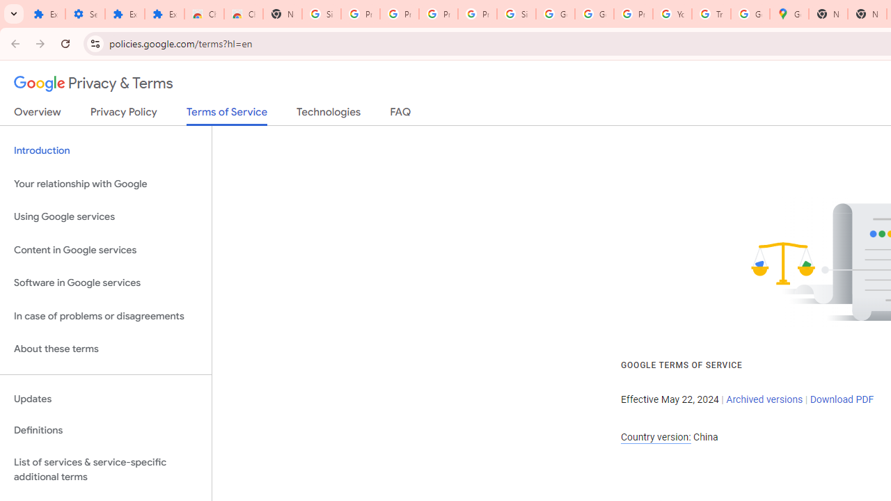  Describe the element at coordinates (321, 14) in the screenshot. I see `'Sign in - Google Accounts'` at that location.